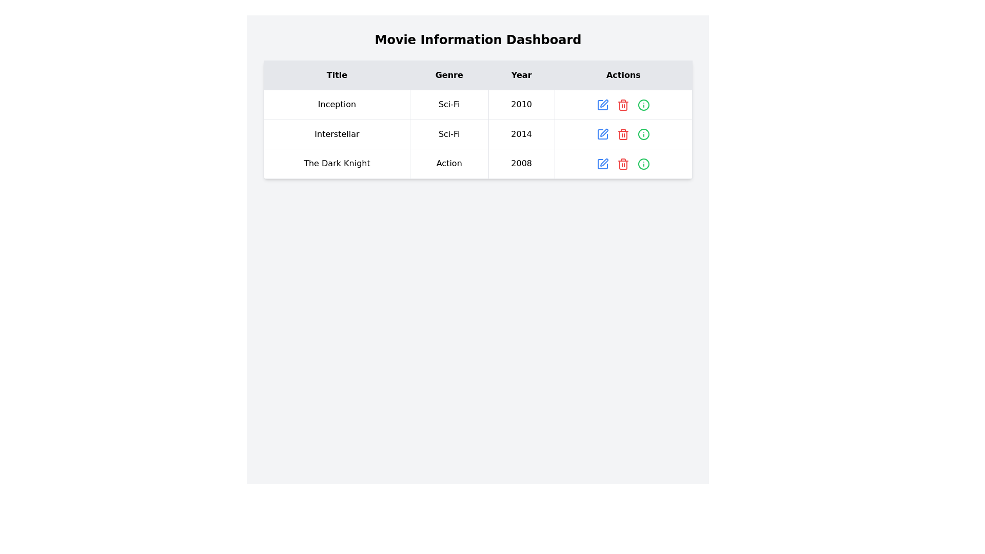  Describe the element at coordinates (643, 133) in the screenshot. I see `the circular icon button with a green border and 'info' symbol located in the 'Actions' column for the 'Interstellar' row` at that location.